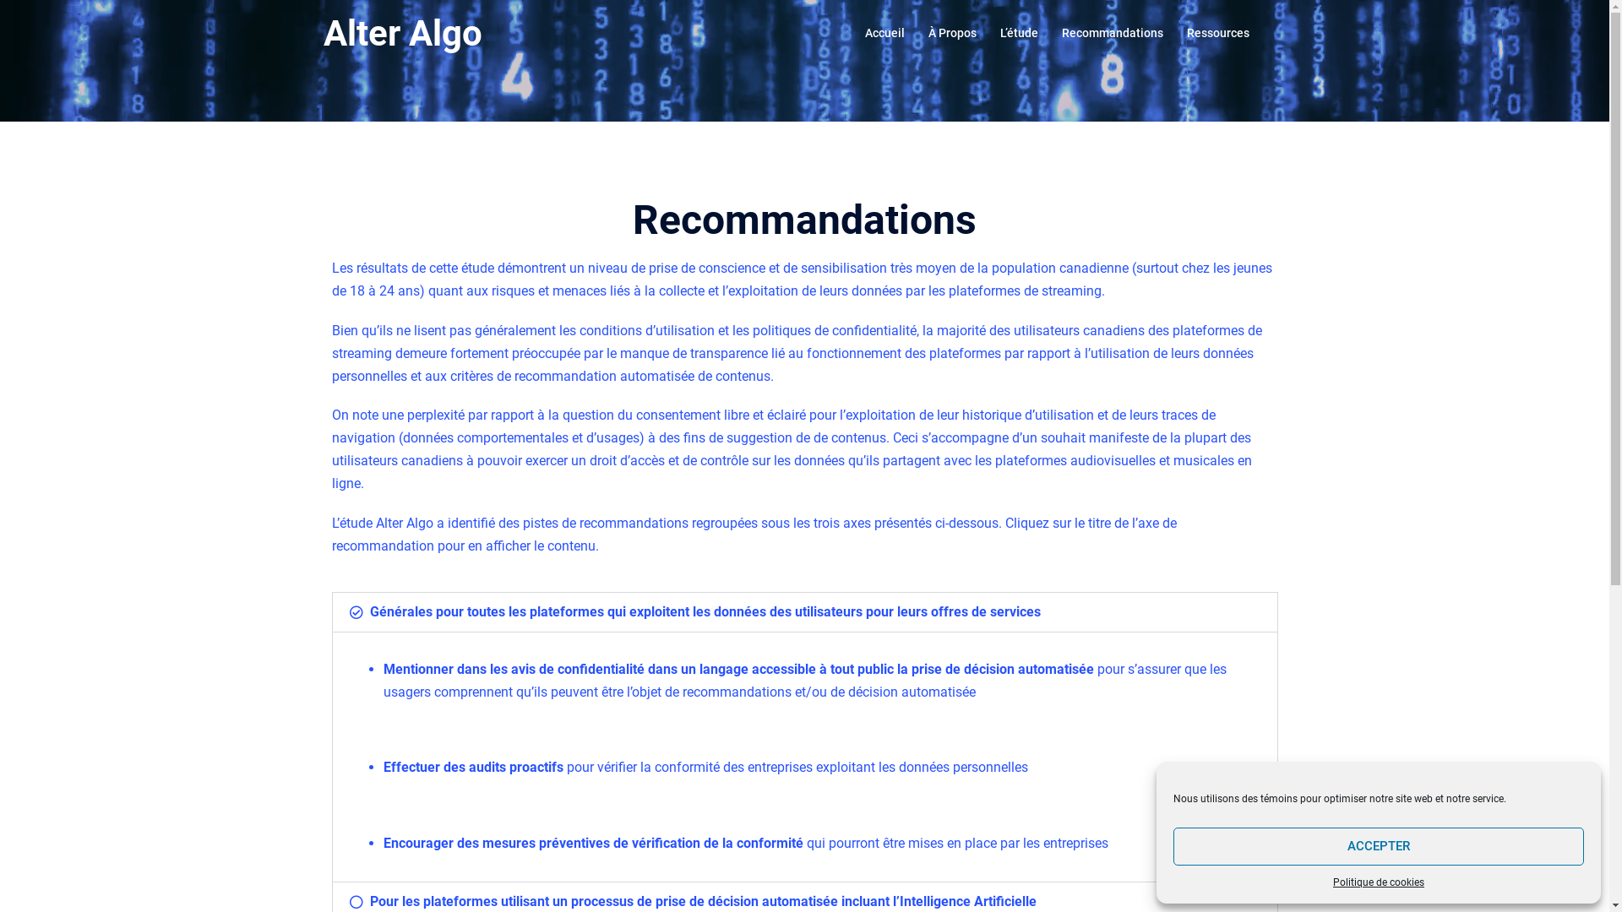  I want to click on 'Recommandations', so click(1111, 33).